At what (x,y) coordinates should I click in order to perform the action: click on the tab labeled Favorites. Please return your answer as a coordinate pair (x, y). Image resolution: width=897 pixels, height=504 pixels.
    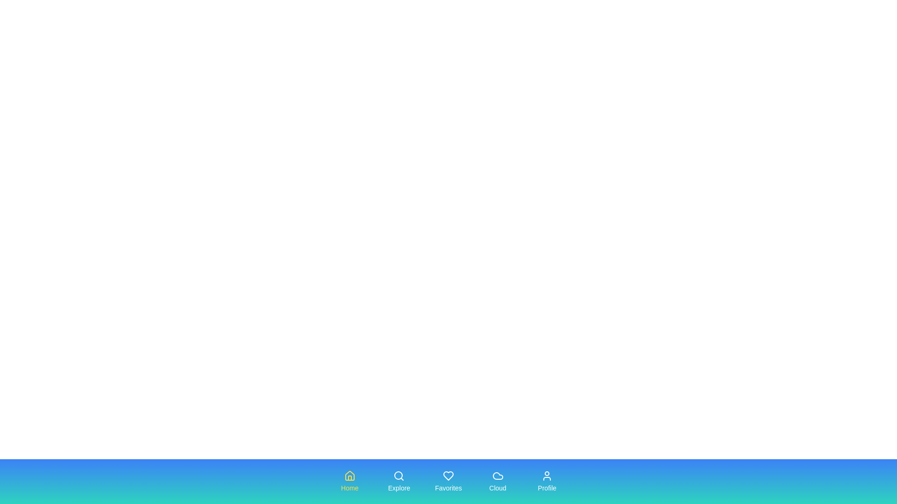
    Looking at the image, I should click on (448, 482).